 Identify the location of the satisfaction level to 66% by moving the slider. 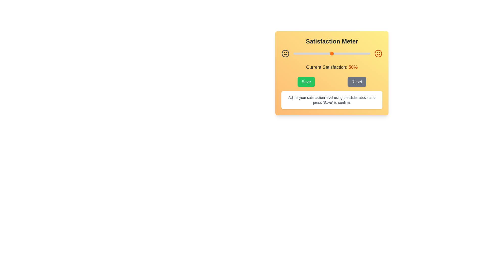
(344, 54).